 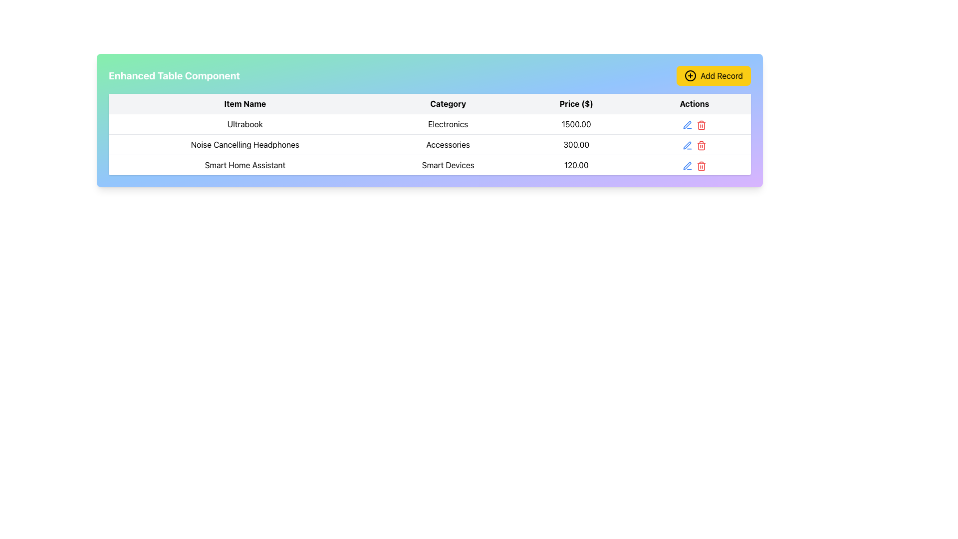 I want to click on text content of the 'Ultrabook' label located in the first row under the 'Item Name' column of the table, so click(x=245, y=124).